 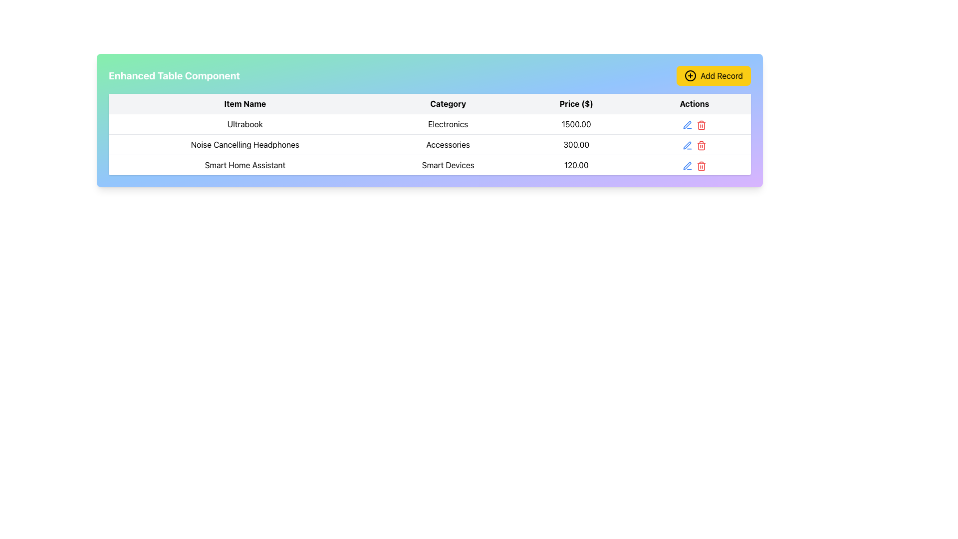 I want to click on text content of the 'Ultrabook' label located in the first row under the 'Item Name' column of the table, so click(x=245, y=124).